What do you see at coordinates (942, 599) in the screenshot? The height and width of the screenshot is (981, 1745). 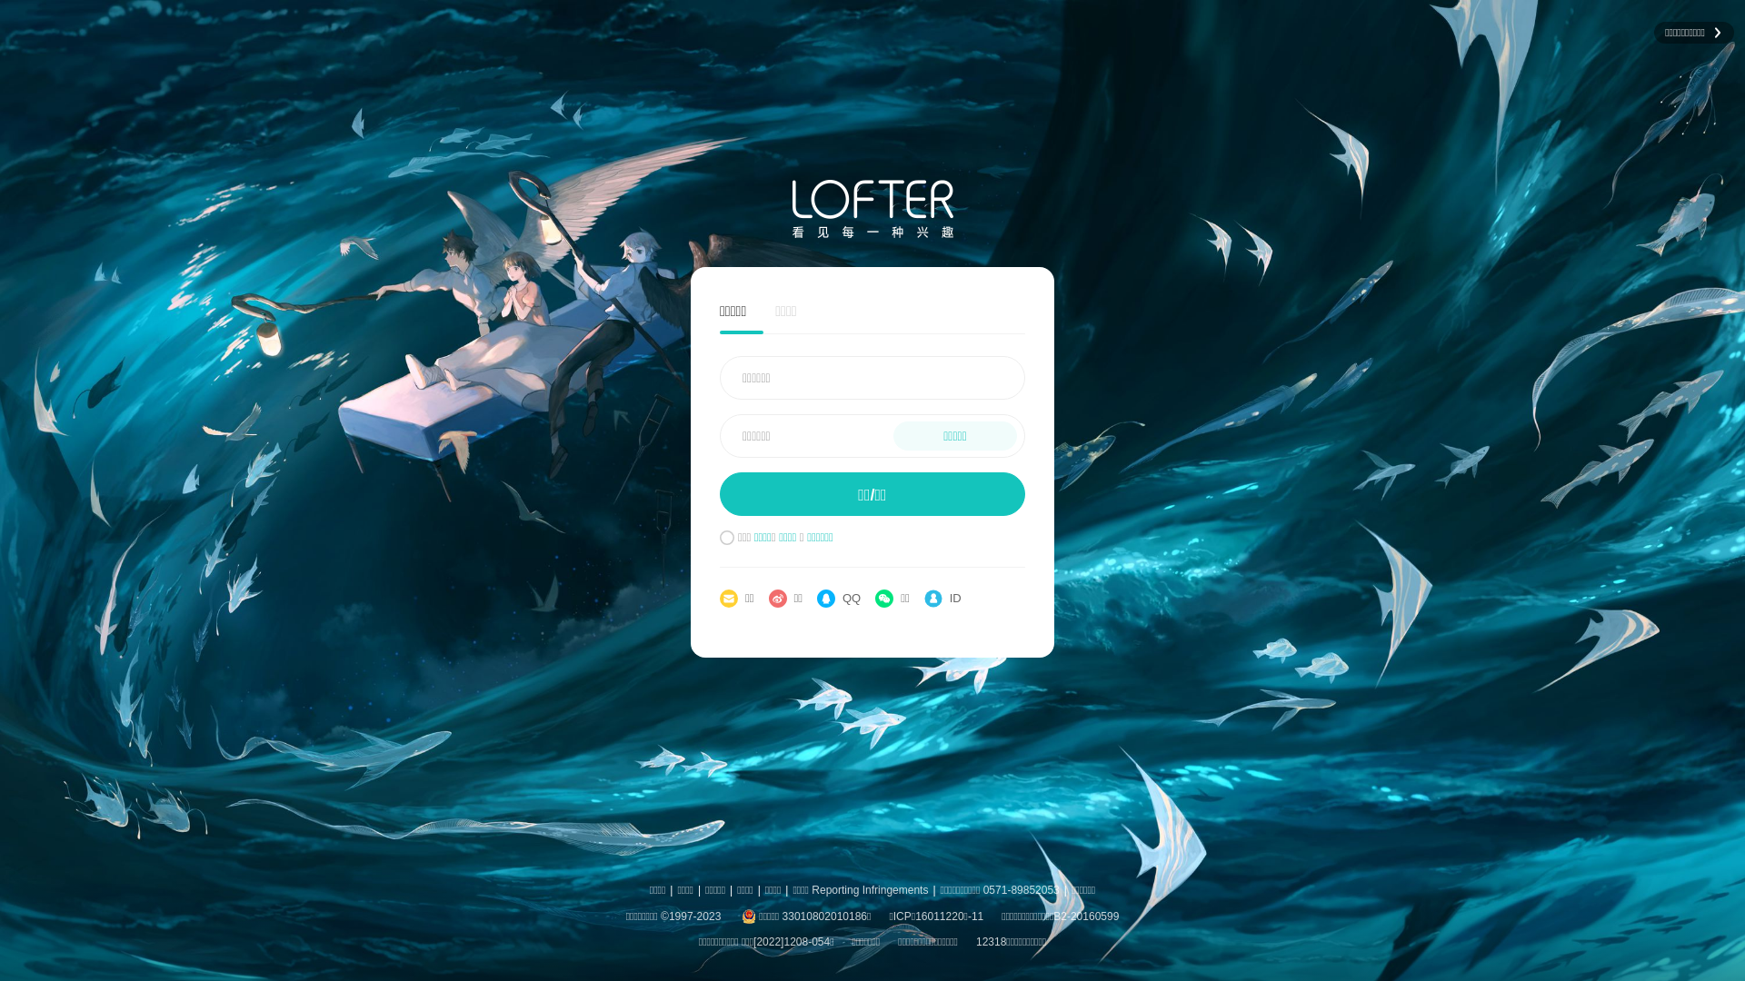 I see `'ID'` at bounding box center [942, 599].